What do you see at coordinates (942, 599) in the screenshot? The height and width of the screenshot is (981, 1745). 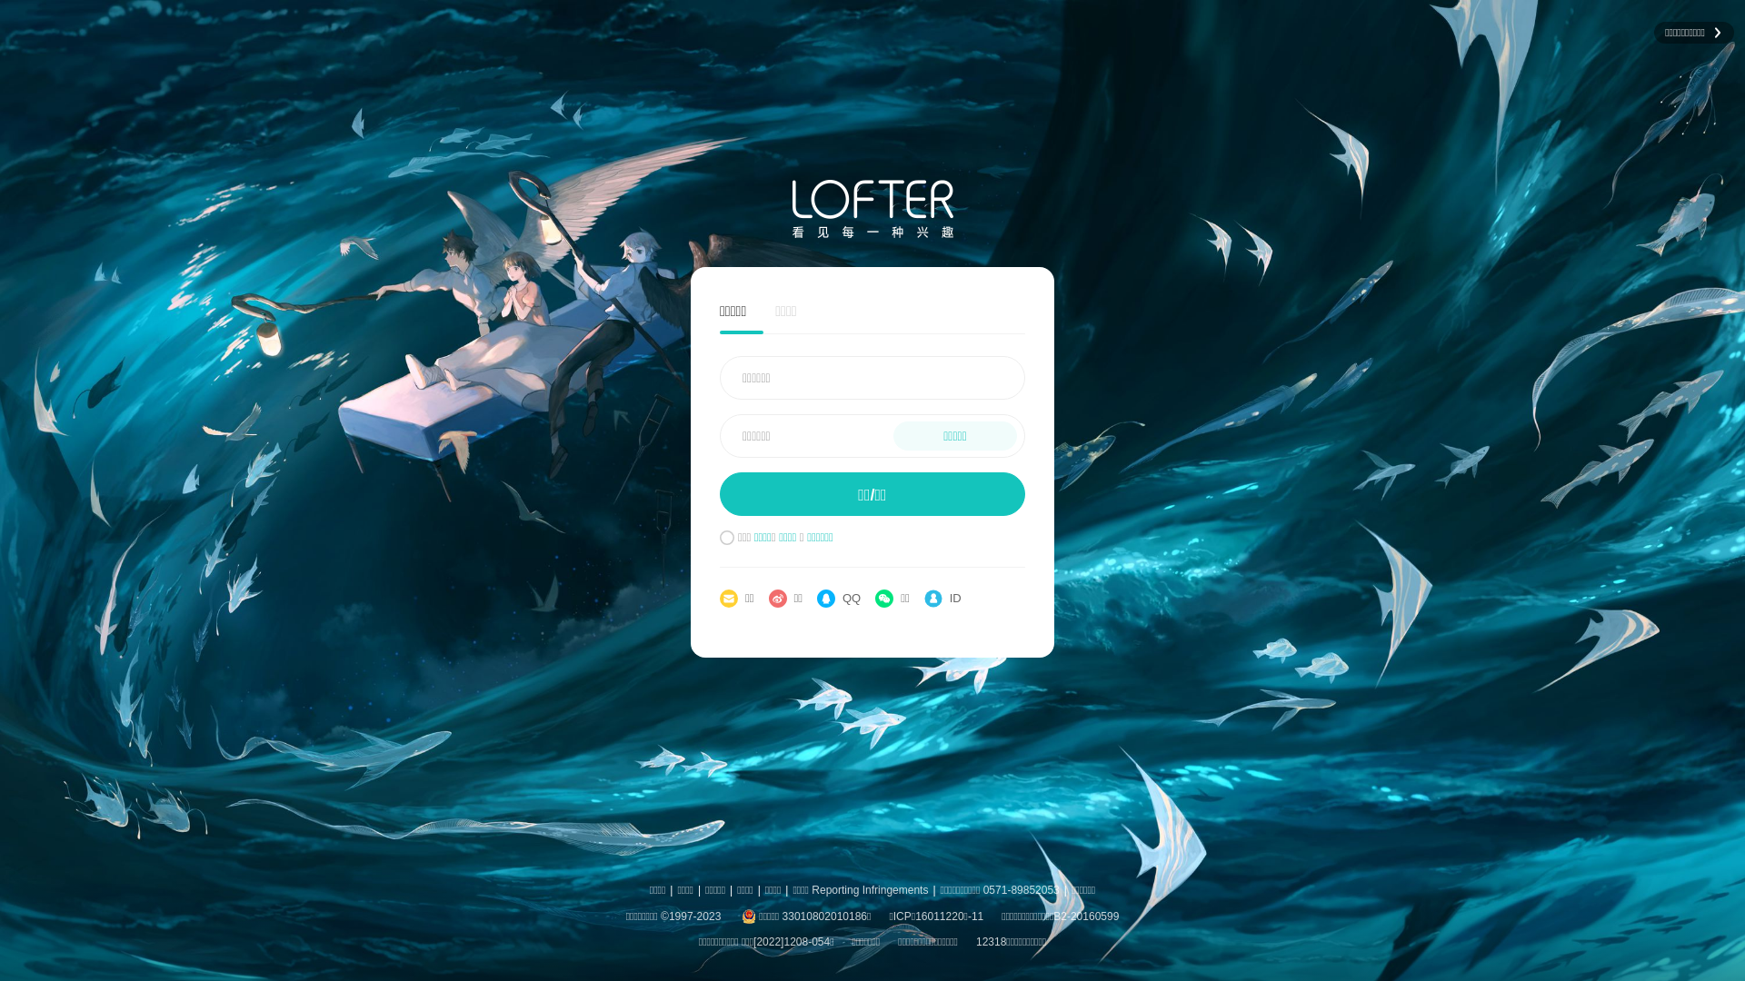 I see `'ID'` at bounding box center [942, 599].